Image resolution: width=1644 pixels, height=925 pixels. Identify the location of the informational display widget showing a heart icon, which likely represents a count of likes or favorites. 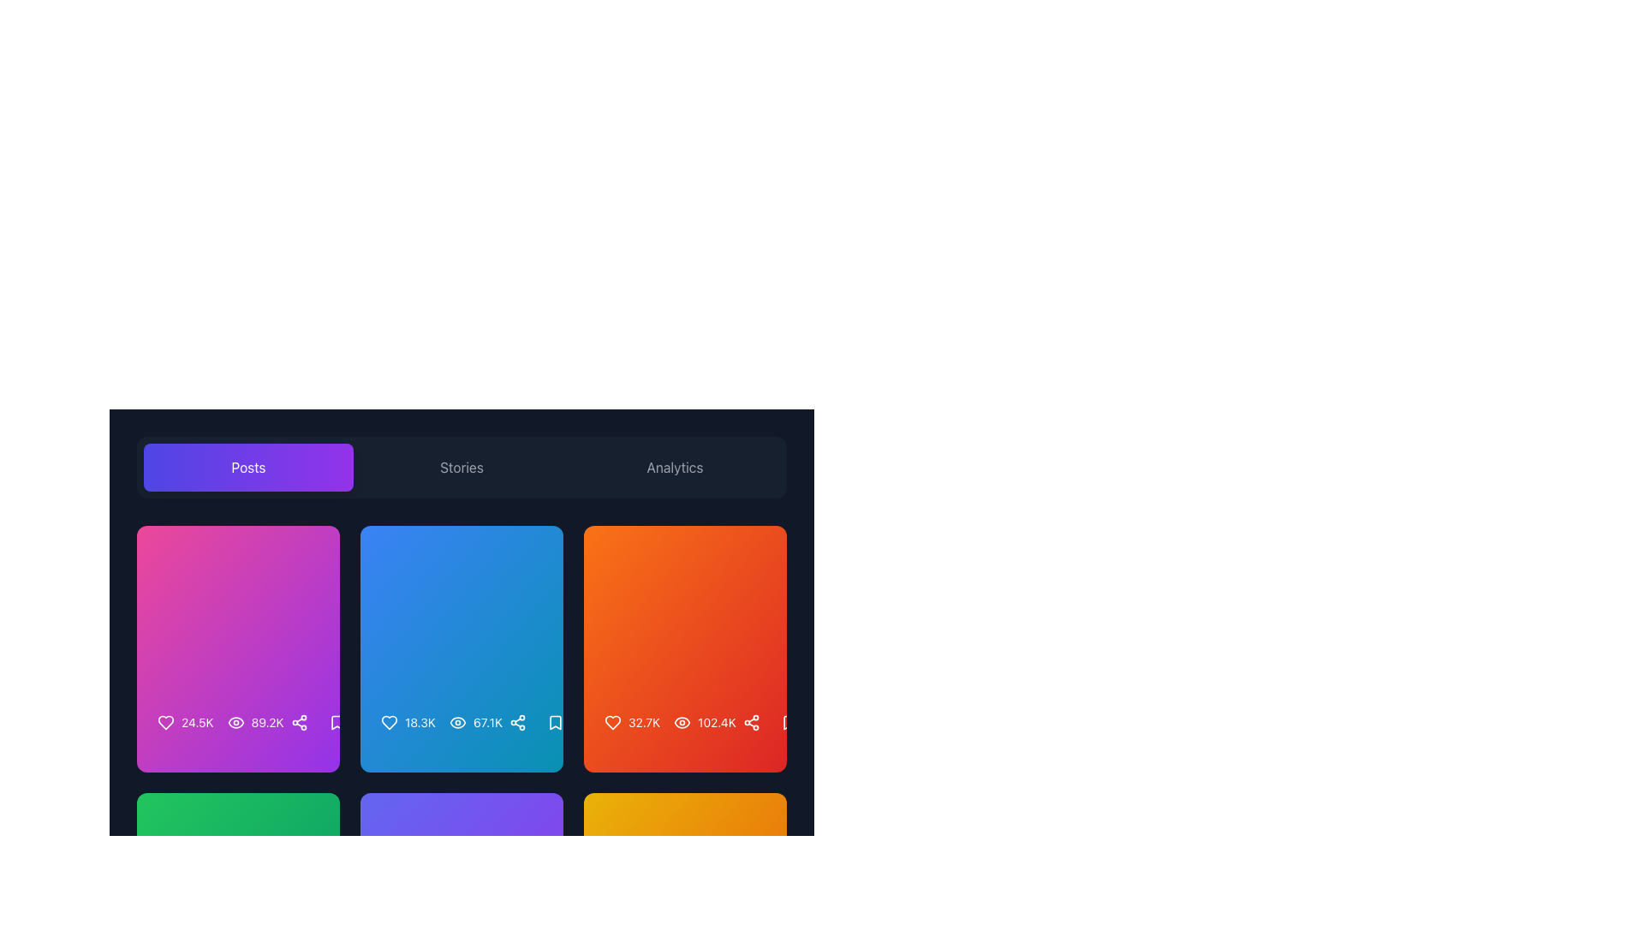
(407, 723).